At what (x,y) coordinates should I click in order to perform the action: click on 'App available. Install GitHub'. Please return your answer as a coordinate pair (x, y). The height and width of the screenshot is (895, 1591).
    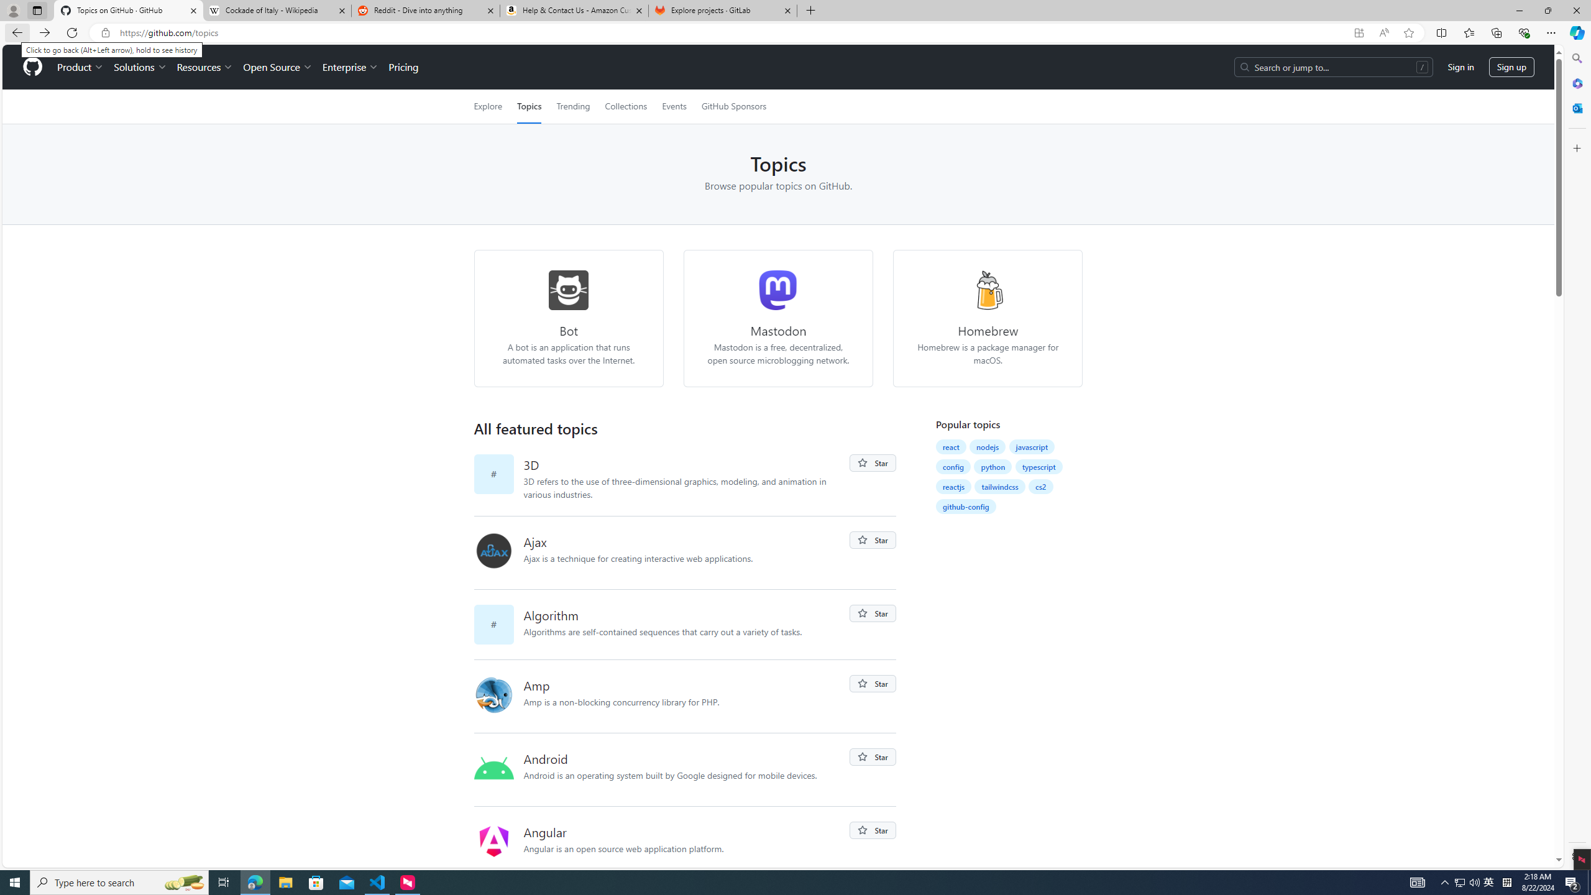
    Looking at the image, I should click on (1358, 33).